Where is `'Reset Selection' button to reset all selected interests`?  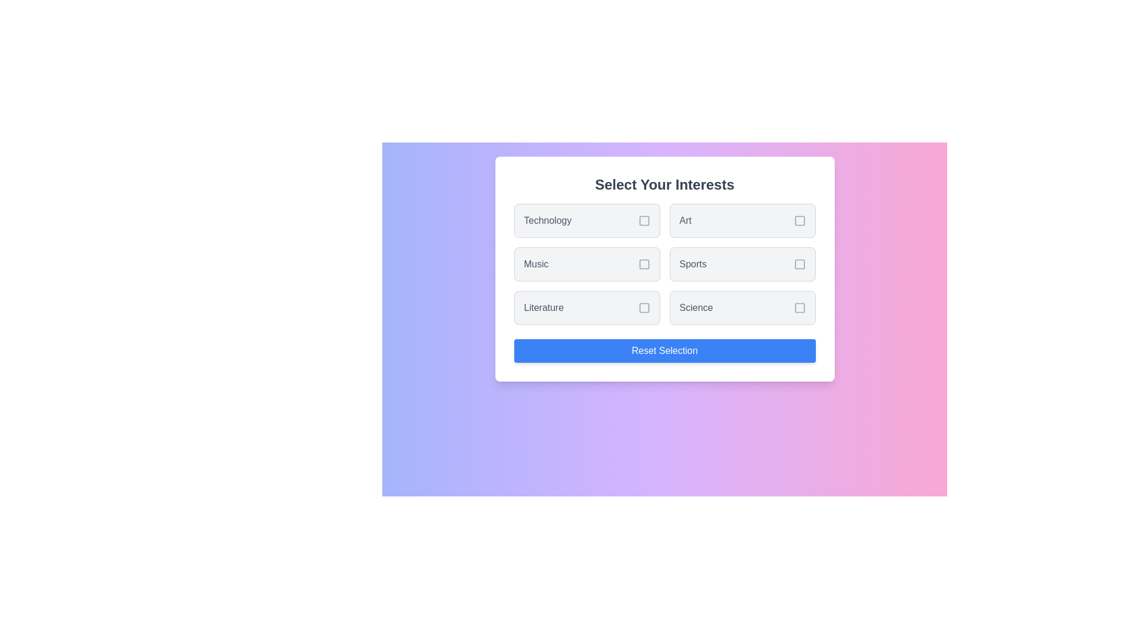
'Reset Selection' button to reset all selected interests is located at coordinates (664, 350).